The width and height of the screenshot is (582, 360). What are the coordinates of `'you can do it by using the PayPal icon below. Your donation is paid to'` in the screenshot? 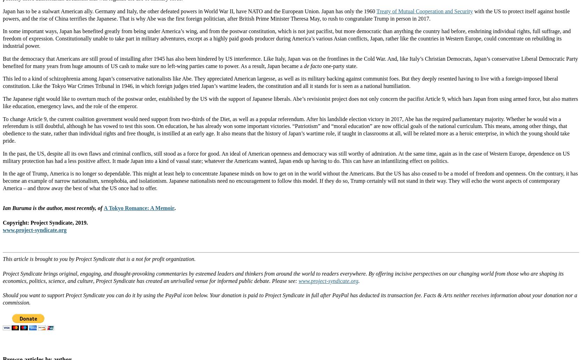 It's located at (184, 295).